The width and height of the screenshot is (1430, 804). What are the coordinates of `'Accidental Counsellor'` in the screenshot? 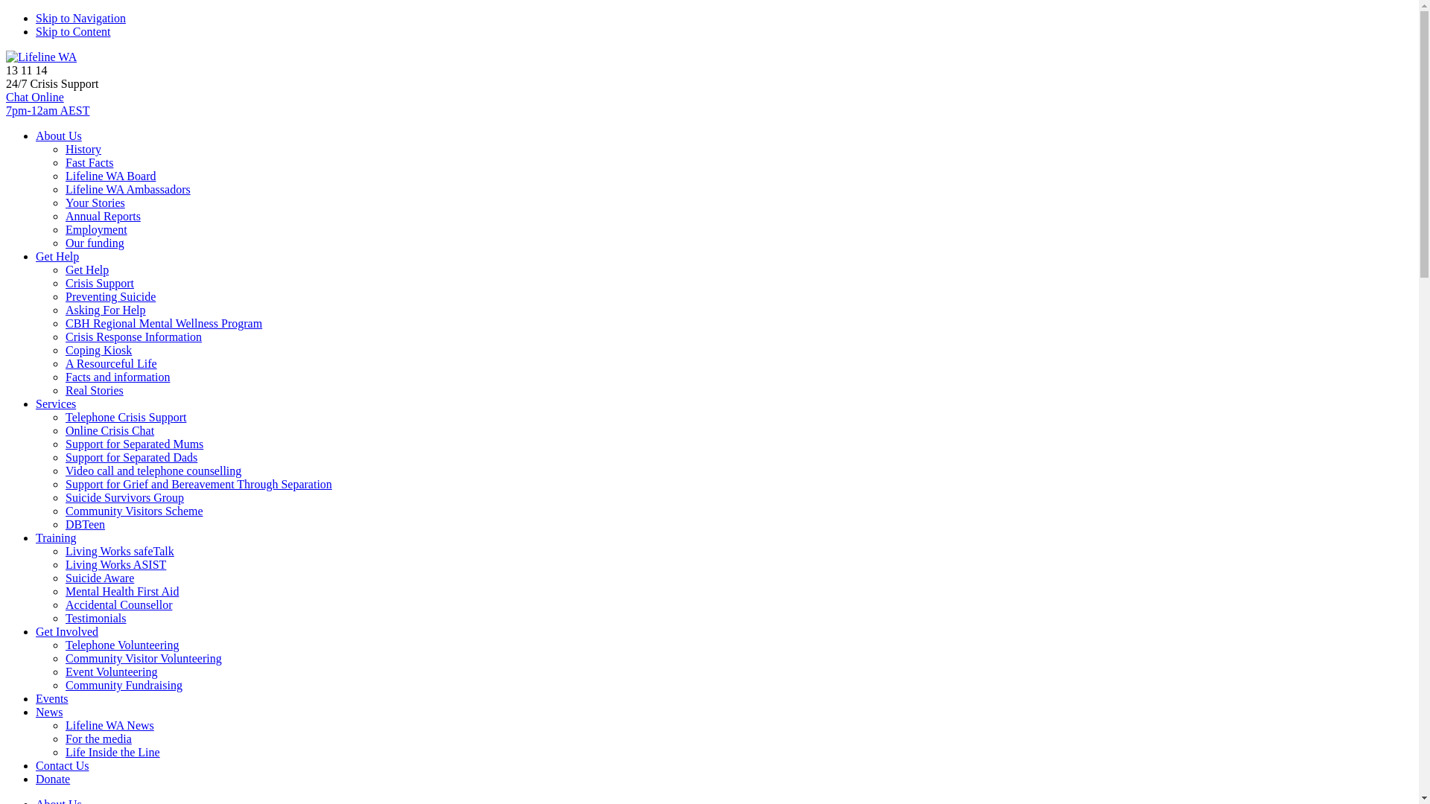 It's located at (118, 604).